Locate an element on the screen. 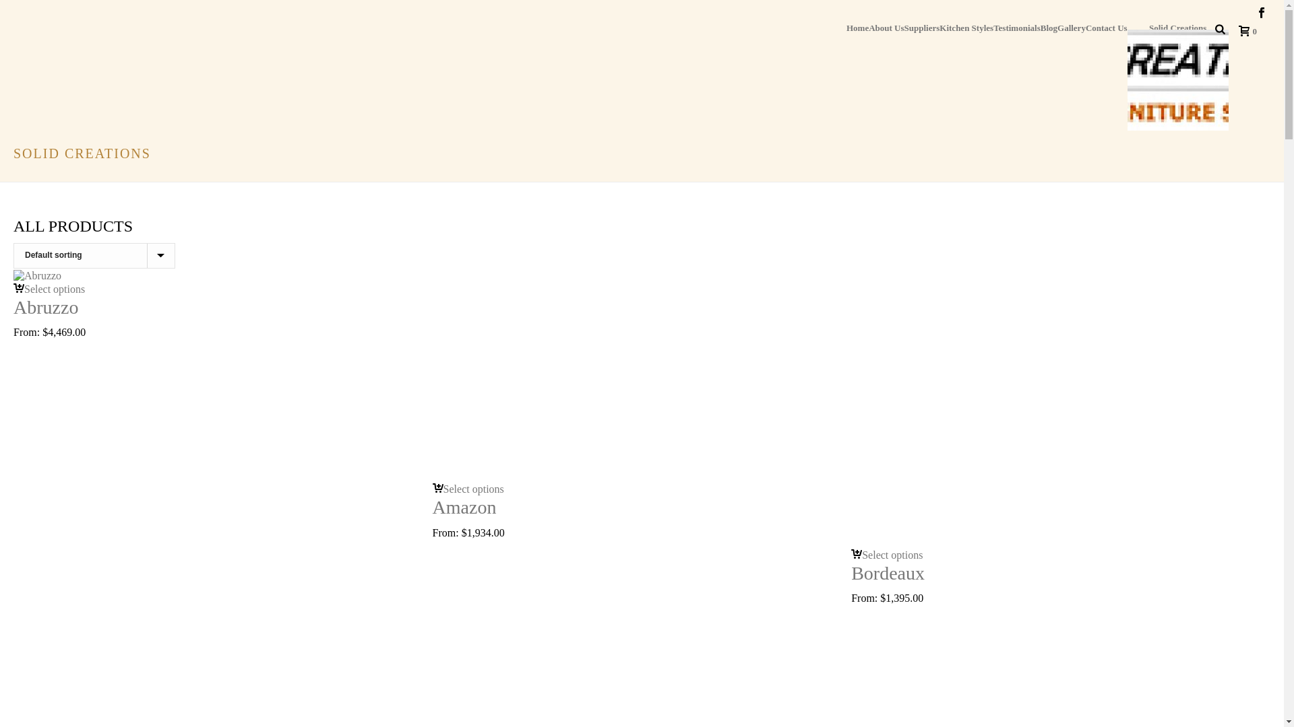  'Testimonials' is located at coordinates (993, 26).